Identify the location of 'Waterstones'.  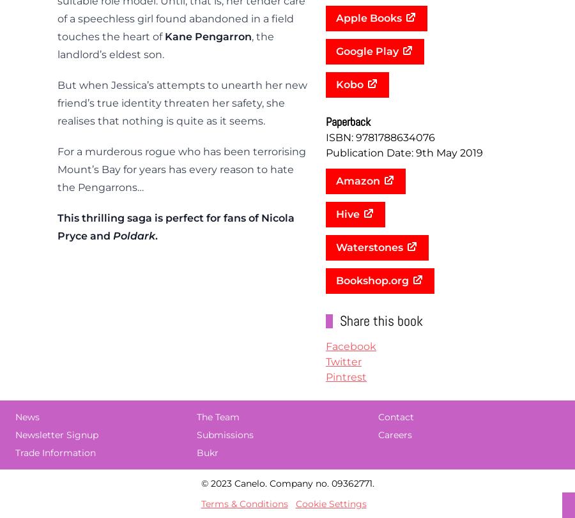
(369, 247).